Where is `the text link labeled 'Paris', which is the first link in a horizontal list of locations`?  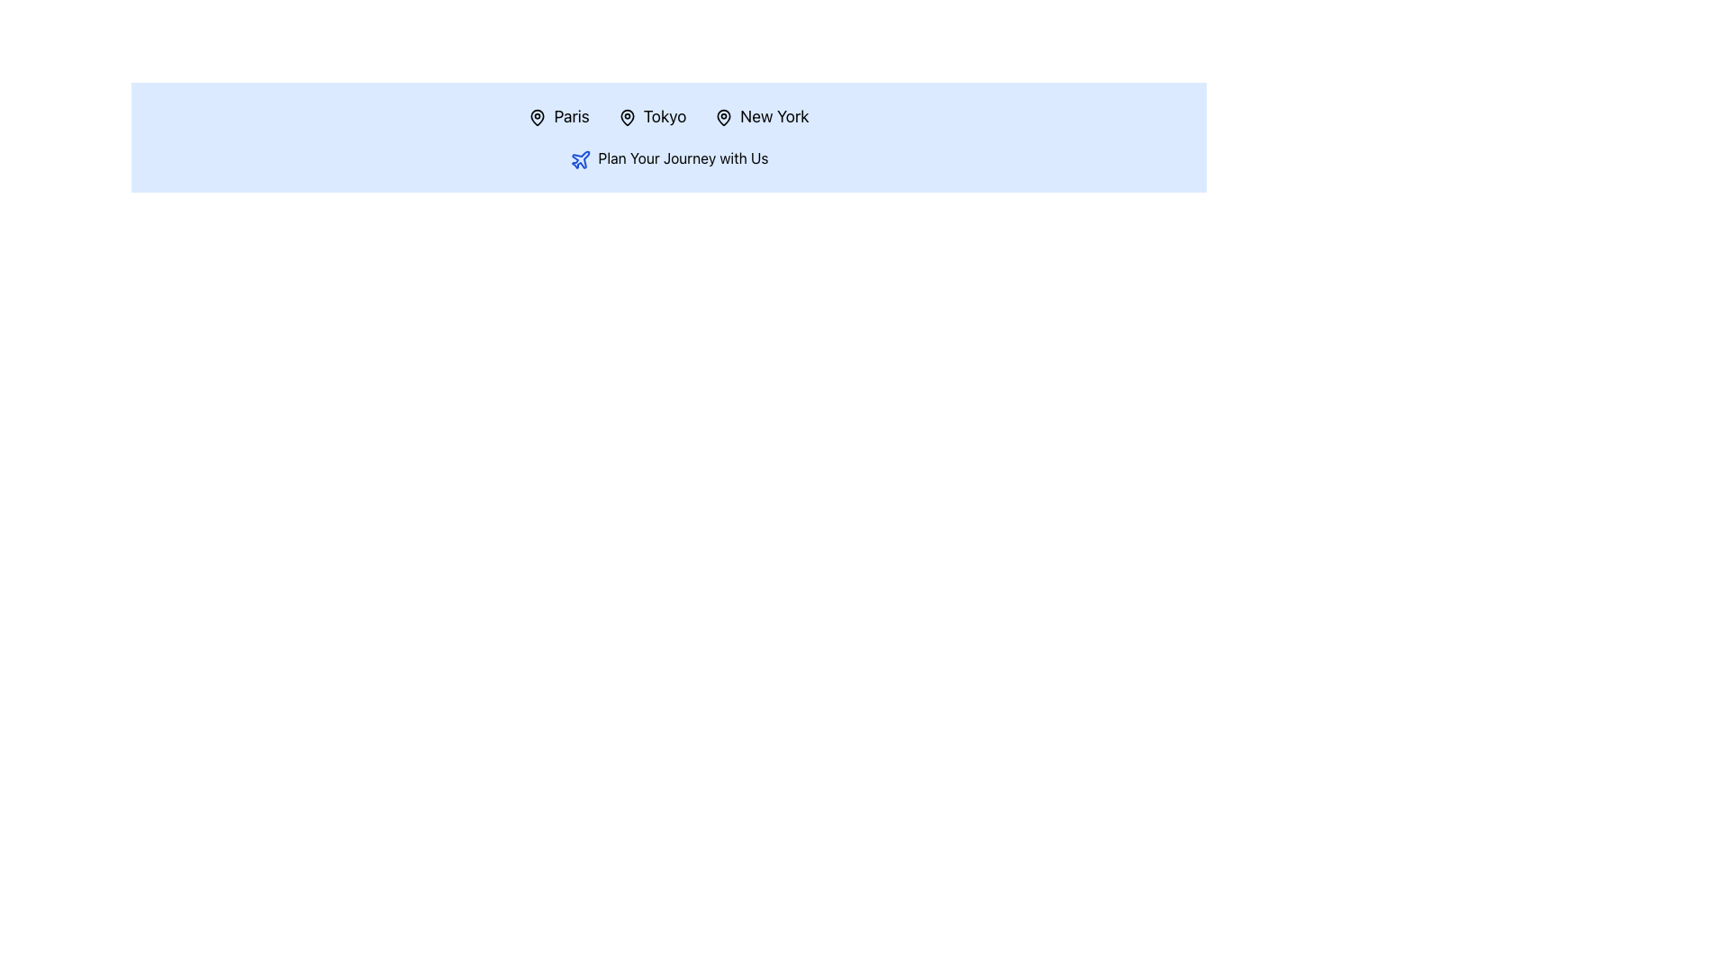 the text link labeled 'Paris', which is the first link in a horizontal list of locations is located at coordinates (557, 116).